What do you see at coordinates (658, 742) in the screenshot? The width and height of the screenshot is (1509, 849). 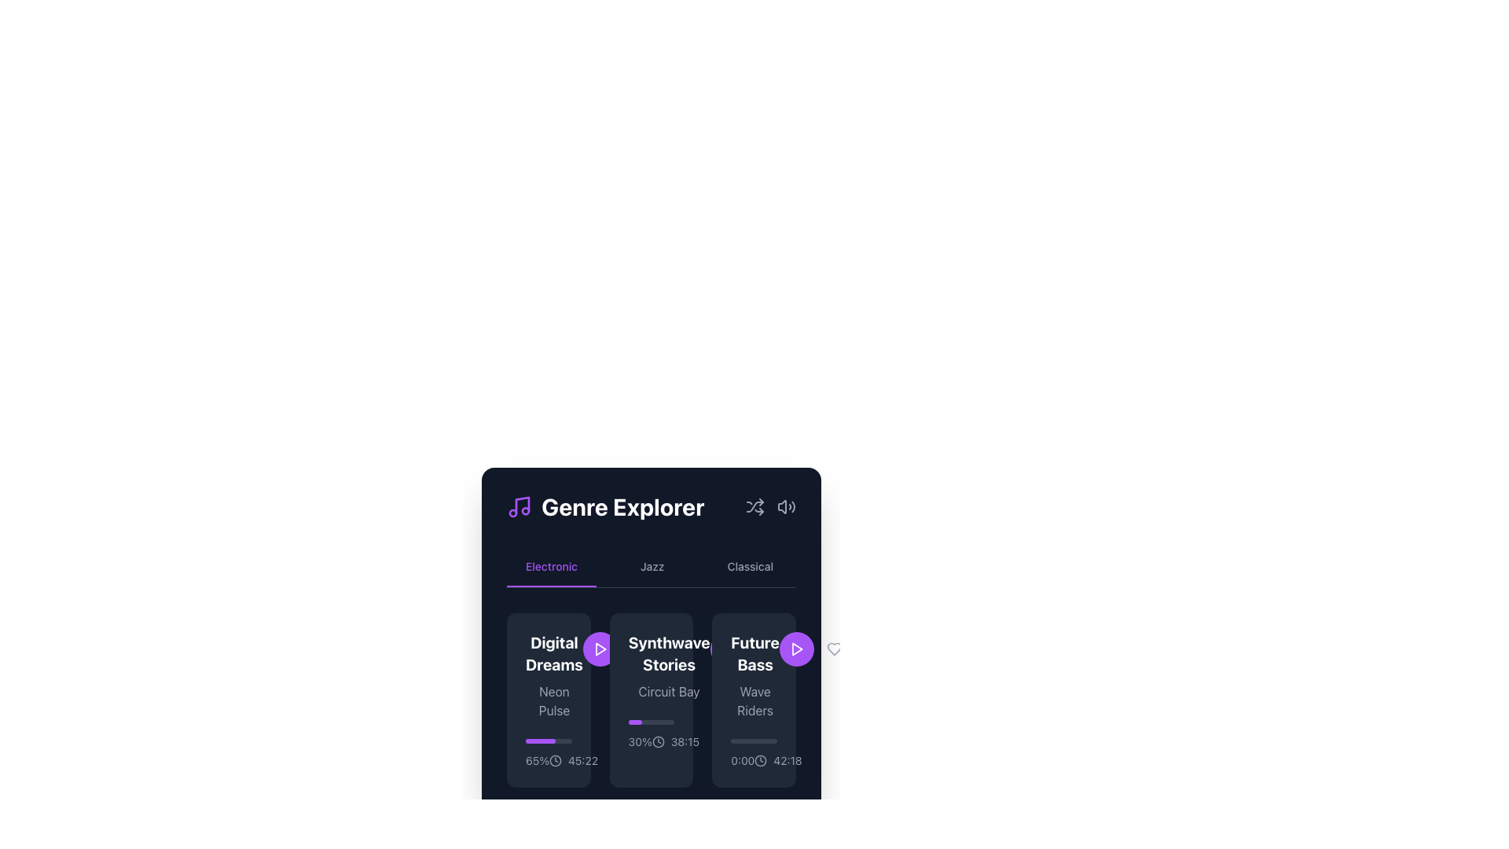 I see `the decorative Circular SVG element that represents the clock icon, located at the bottom-right corner of the genre details card` at bounding box center [658, 742].